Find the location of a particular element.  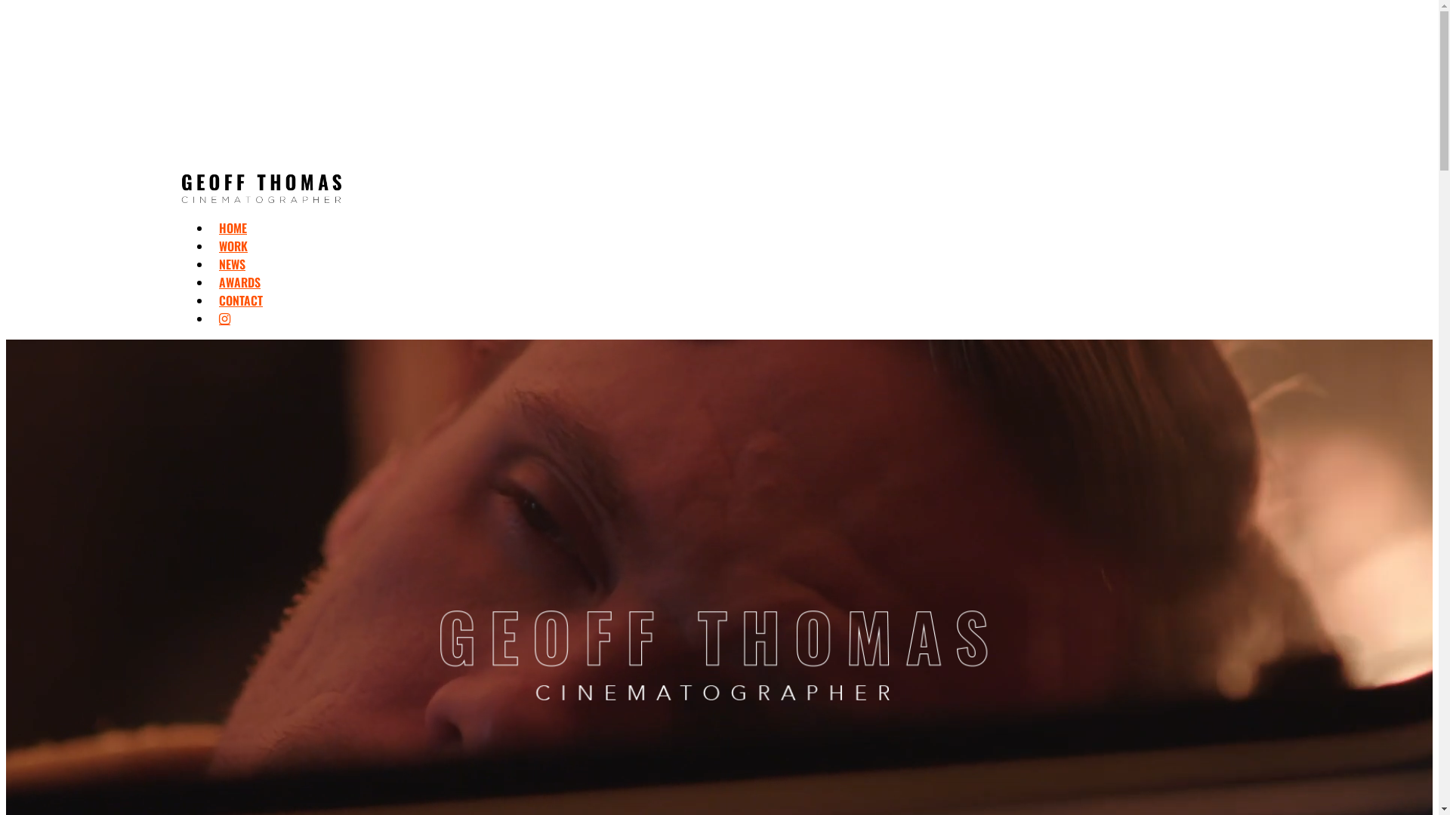

'NEWS' is located at coordinates (217, 263).